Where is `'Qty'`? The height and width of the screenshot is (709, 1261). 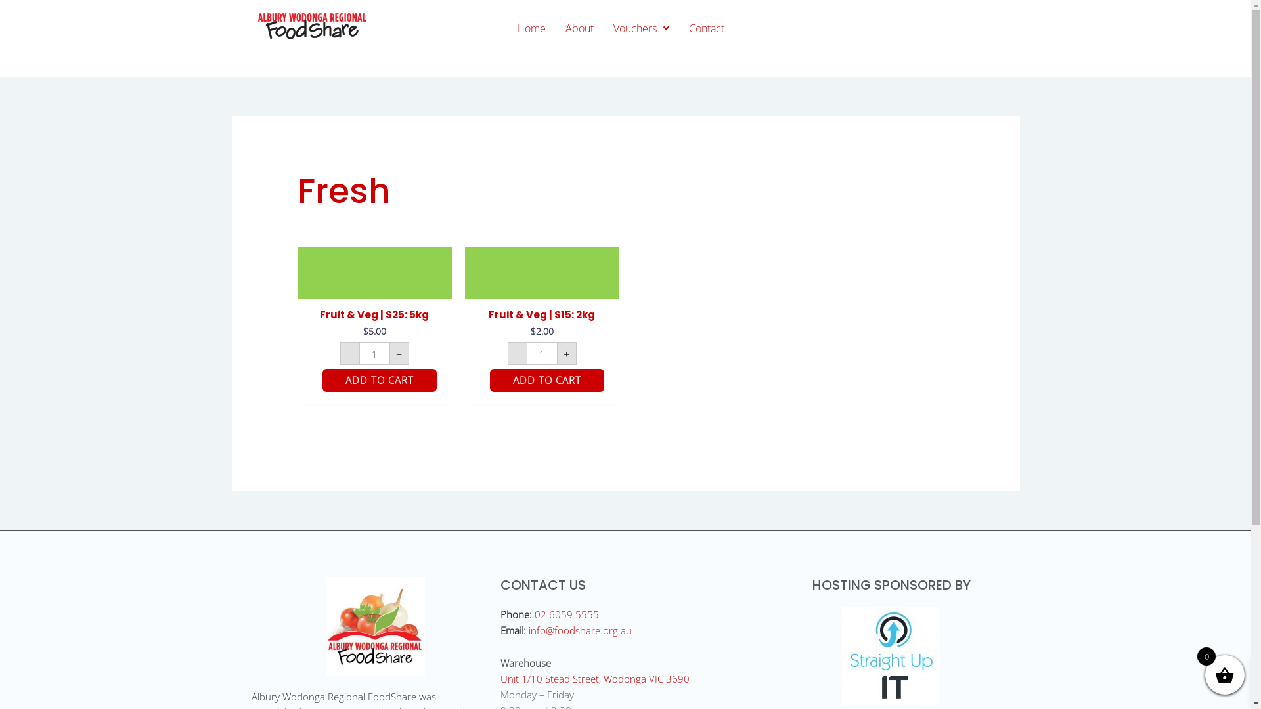
'Qty' is located at coordinates (374, 353).